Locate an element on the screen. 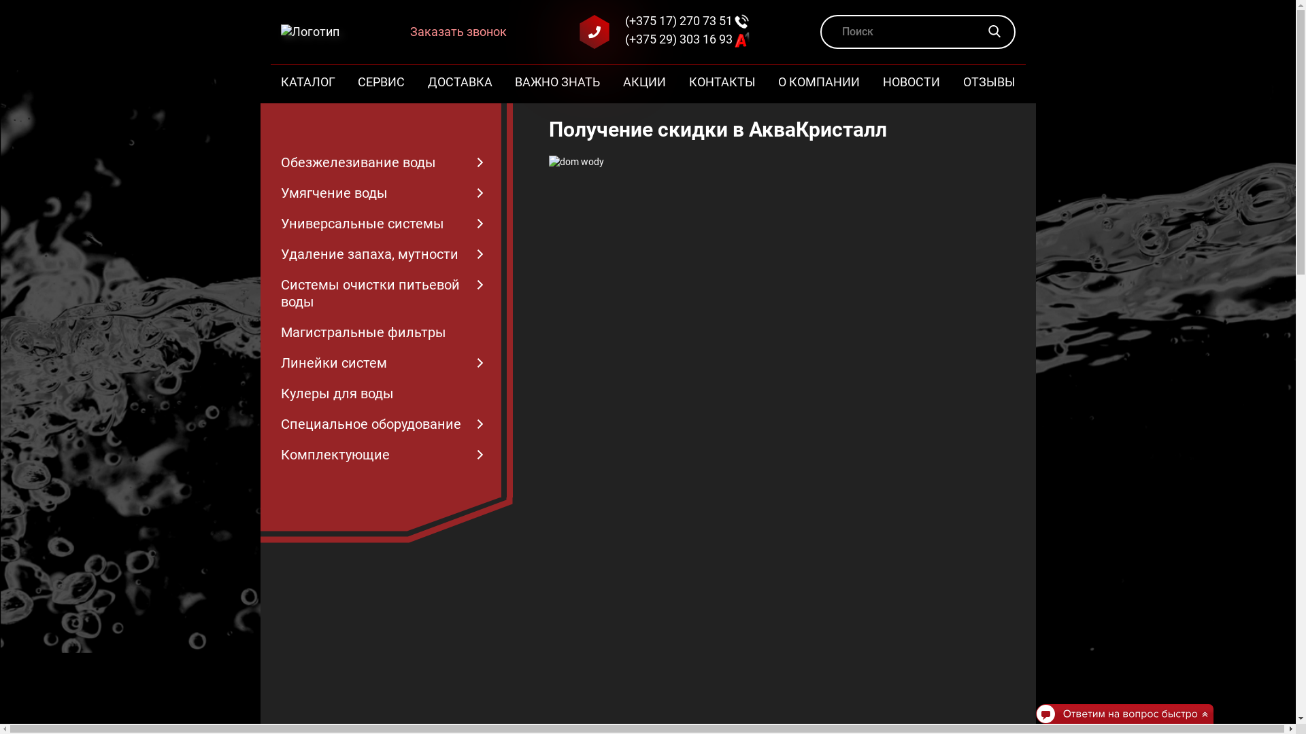 The height and width of the screenshot is (734, 1306). '(+375 17) 270 73 51' is located at coordinates (686, 21).